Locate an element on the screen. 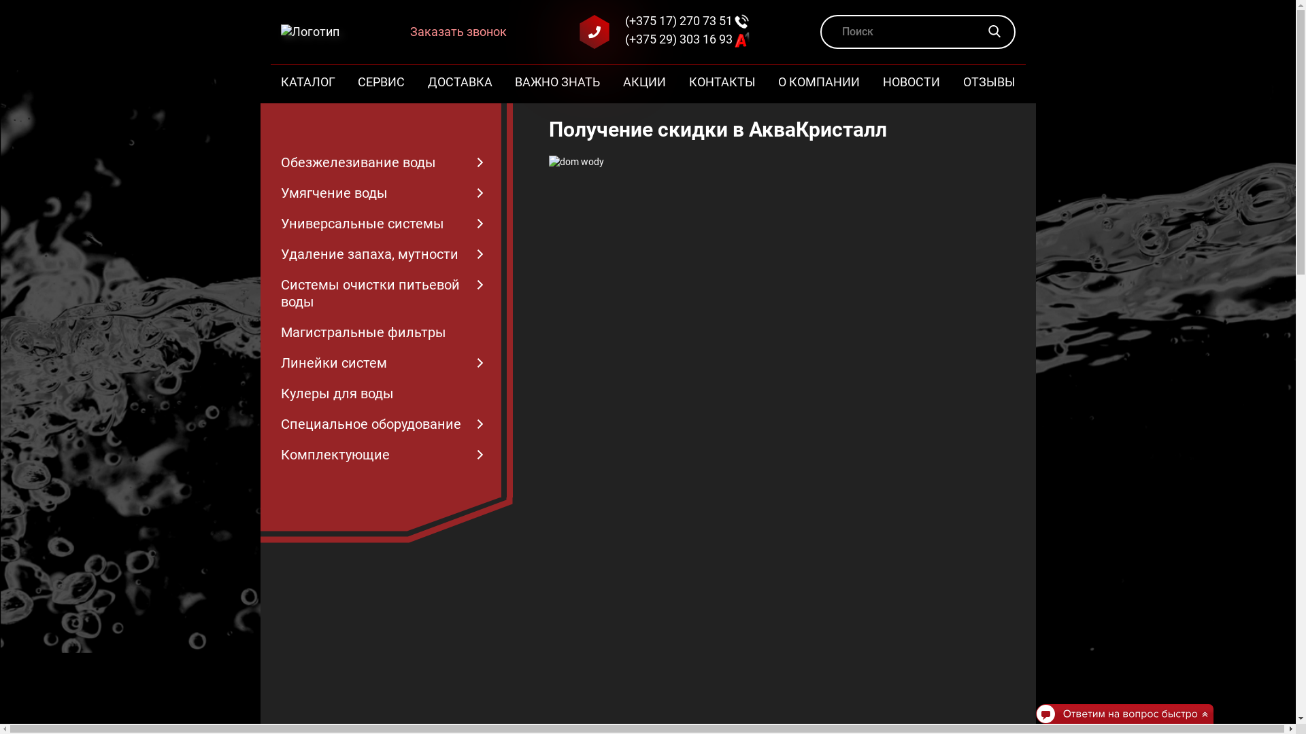 The height and width of the screenshot is (734, 1306). '(+375 17) 270 73 51' is located at coordinates (686, 21).